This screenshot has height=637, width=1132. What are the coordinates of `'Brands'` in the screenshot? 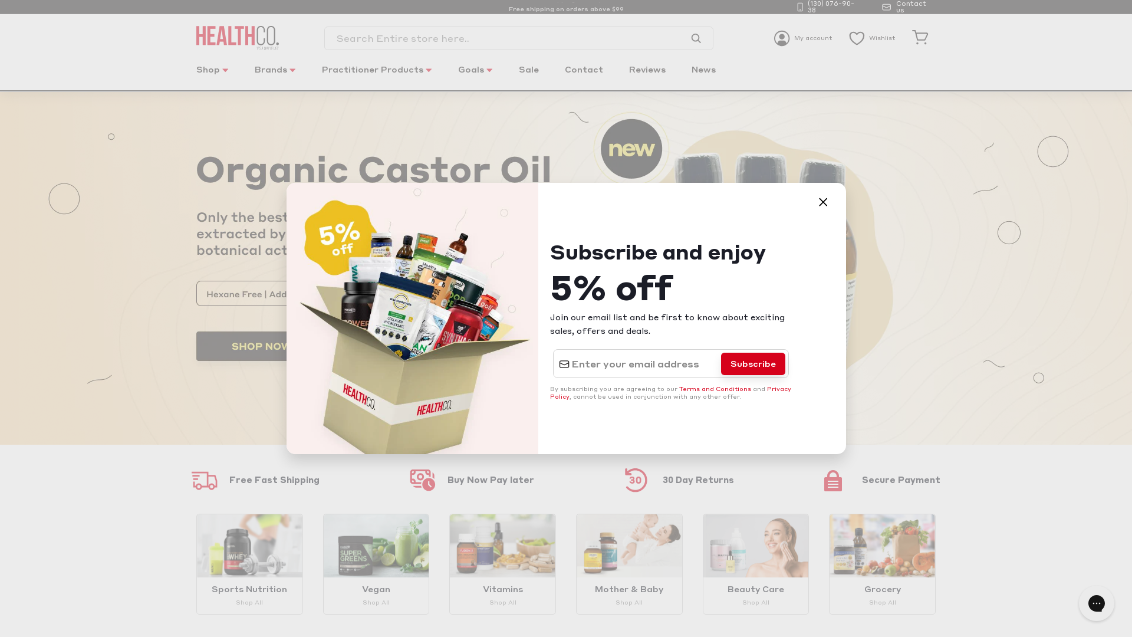 It's located at (274, 76).